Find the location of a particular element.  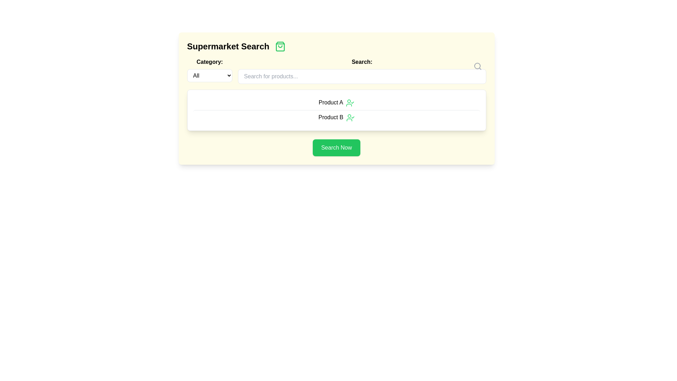

the dropdown menu labeled 'All' is located at coordinates (209, 75).